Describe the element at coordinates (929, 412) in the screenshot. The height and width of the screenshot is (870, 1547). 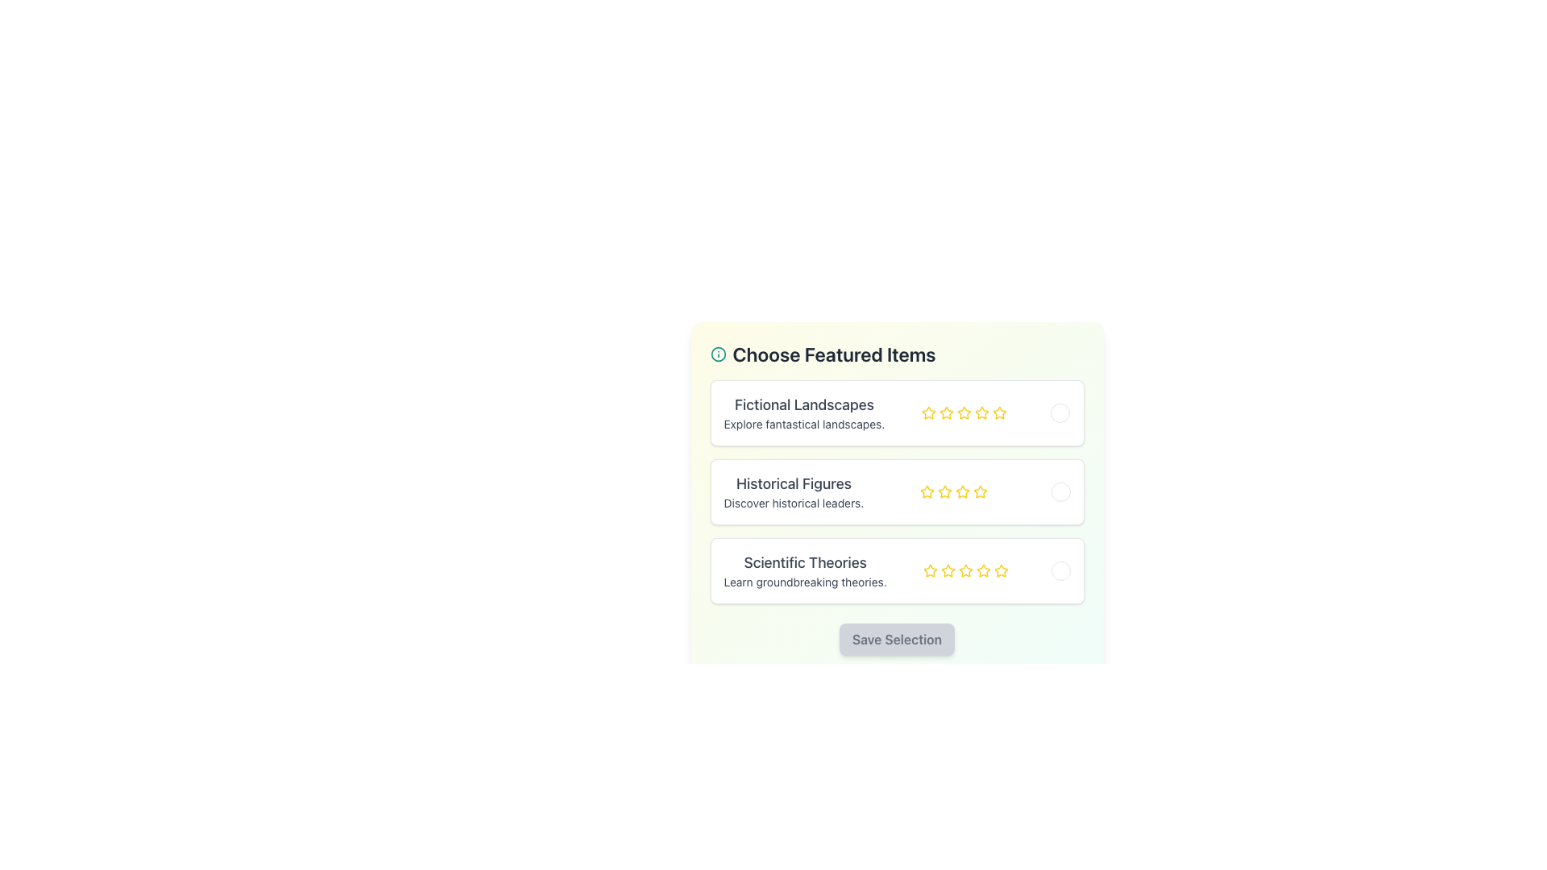
I see `the first star-shaped icon in the star rating UI widget to set the rating to one star, located to the right of 'Fictional Landscapes'` at that location.